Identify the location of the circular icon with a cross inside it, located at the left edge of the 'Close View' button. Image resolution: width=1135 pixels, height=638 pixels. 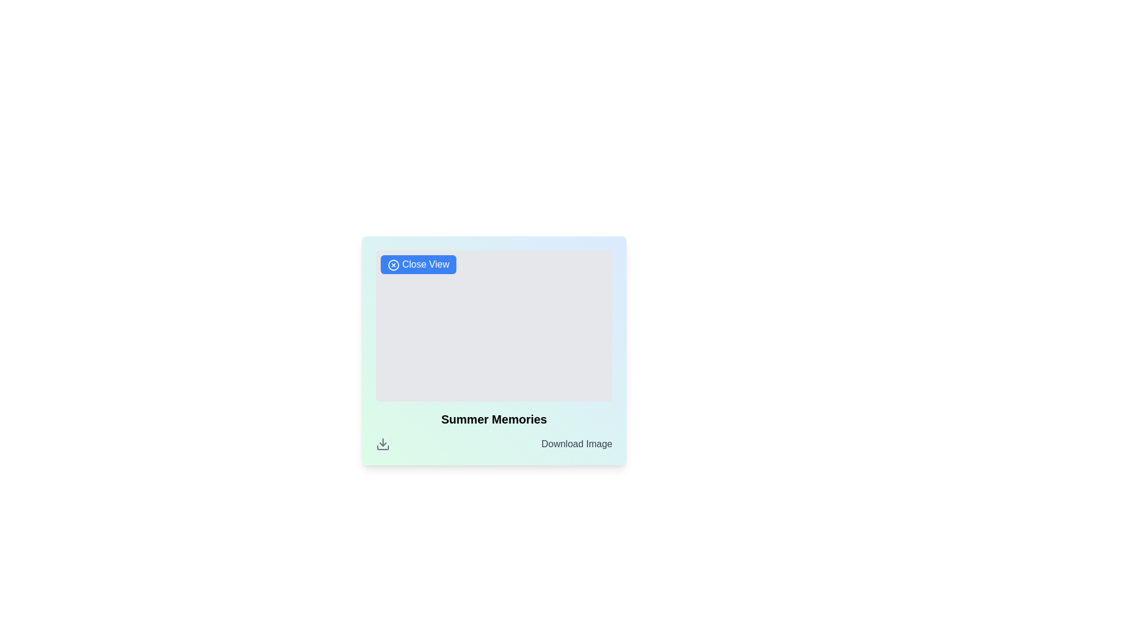
(394, 263).